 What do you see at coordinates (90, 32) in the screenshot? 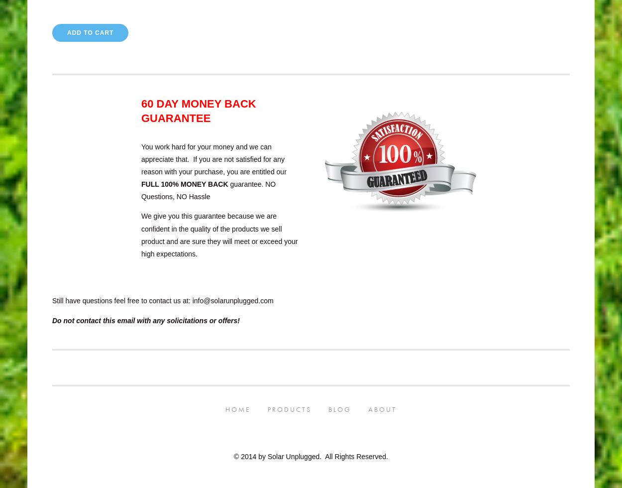
I see `'Add To Cart'` at bounding box center [90, 32].